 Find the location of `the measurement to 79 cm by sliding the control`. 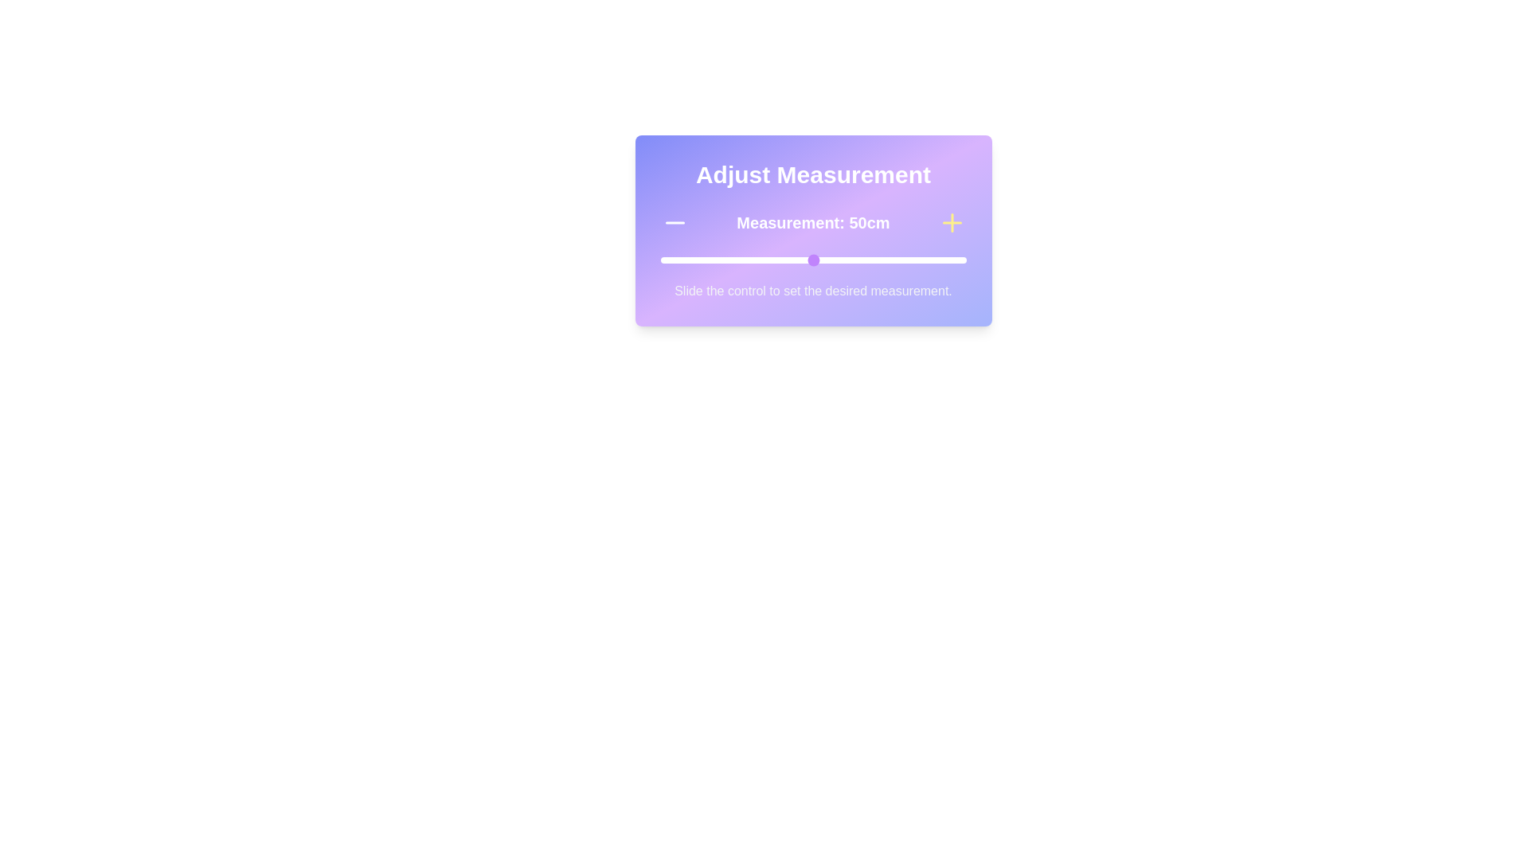

the measurement to 79 cm by sliding the control is located at coordinates (901, 260).